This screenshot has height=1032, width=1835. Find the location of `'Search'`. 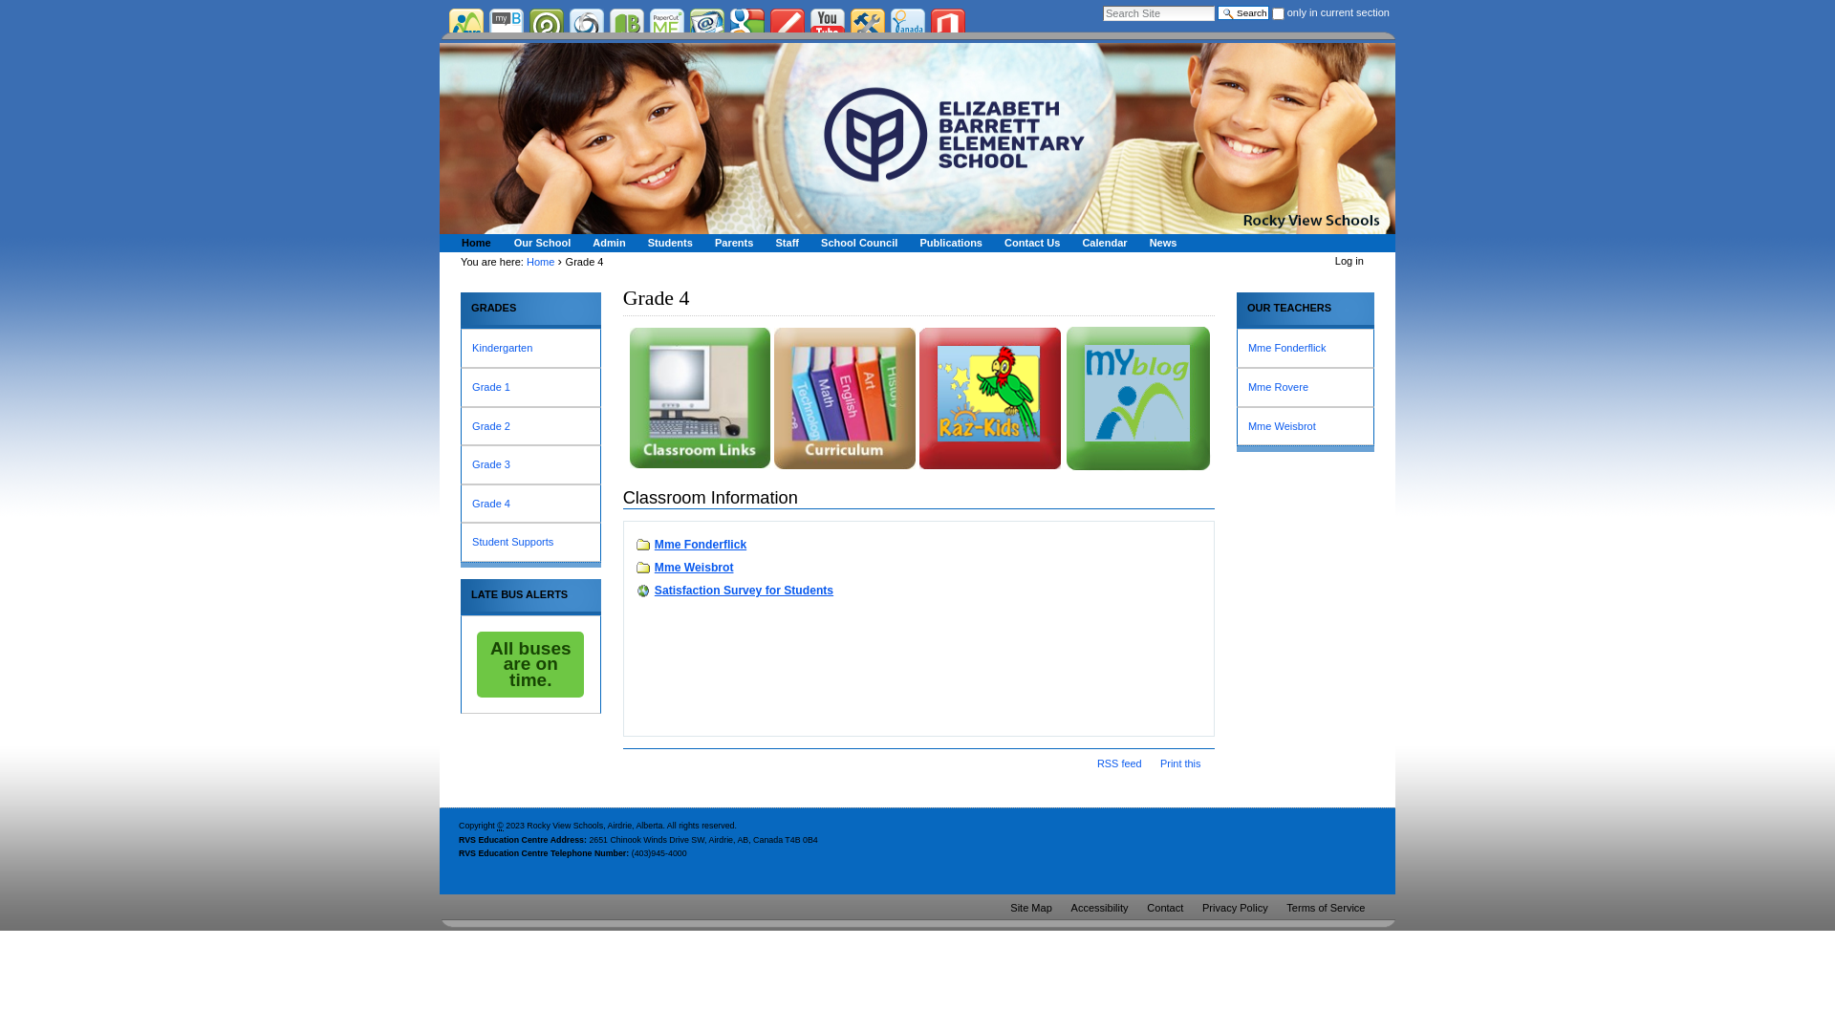

'Search' is located at coordinates (1242, 12).